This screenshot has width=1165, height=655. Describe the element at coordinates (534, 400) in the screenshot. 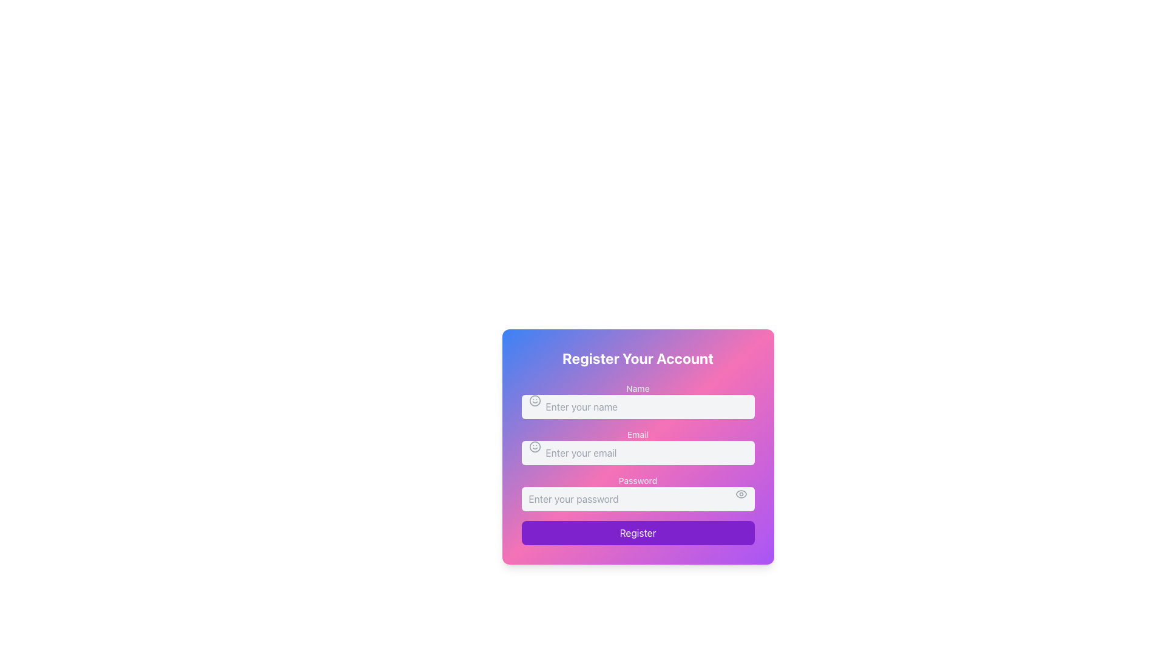

I see `the Decorative icon, a small circular smiling face icon located at the top-left corner inside the 'Name' input field, directly above the placeholder text 'Enter your name'` at that location.